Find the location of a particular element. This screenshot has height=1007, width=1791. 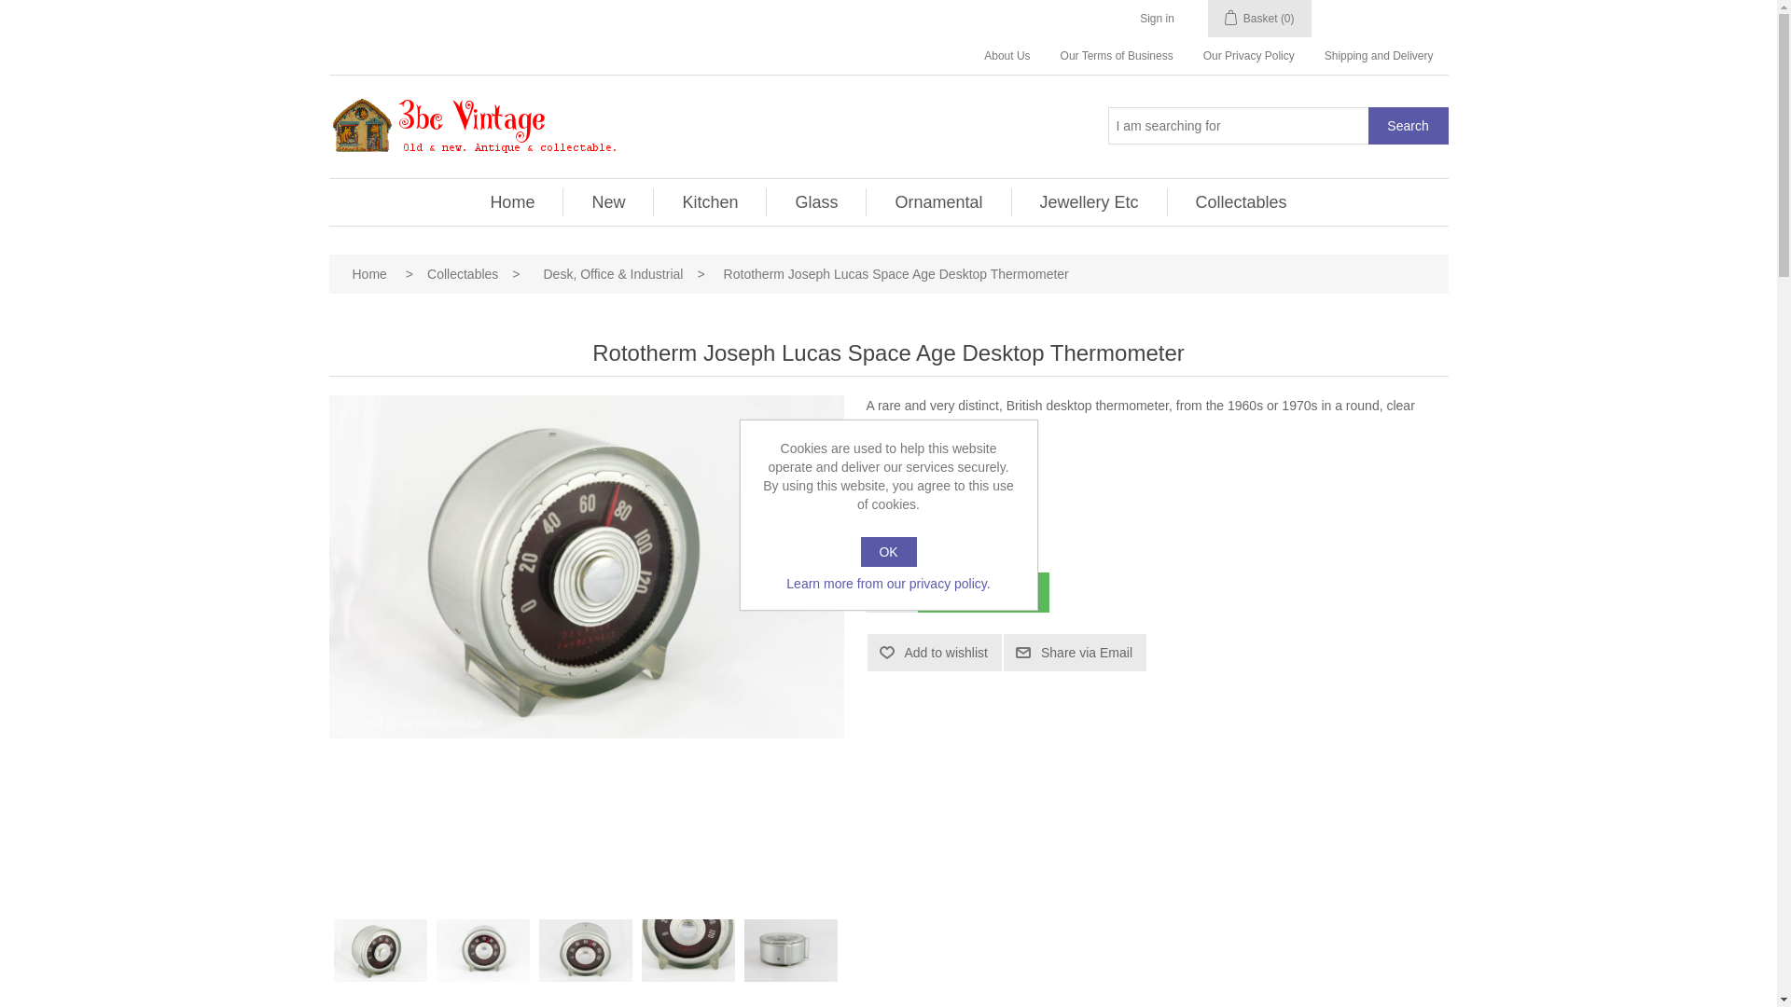

'Add to basket' is located at coordinates (983, 592).